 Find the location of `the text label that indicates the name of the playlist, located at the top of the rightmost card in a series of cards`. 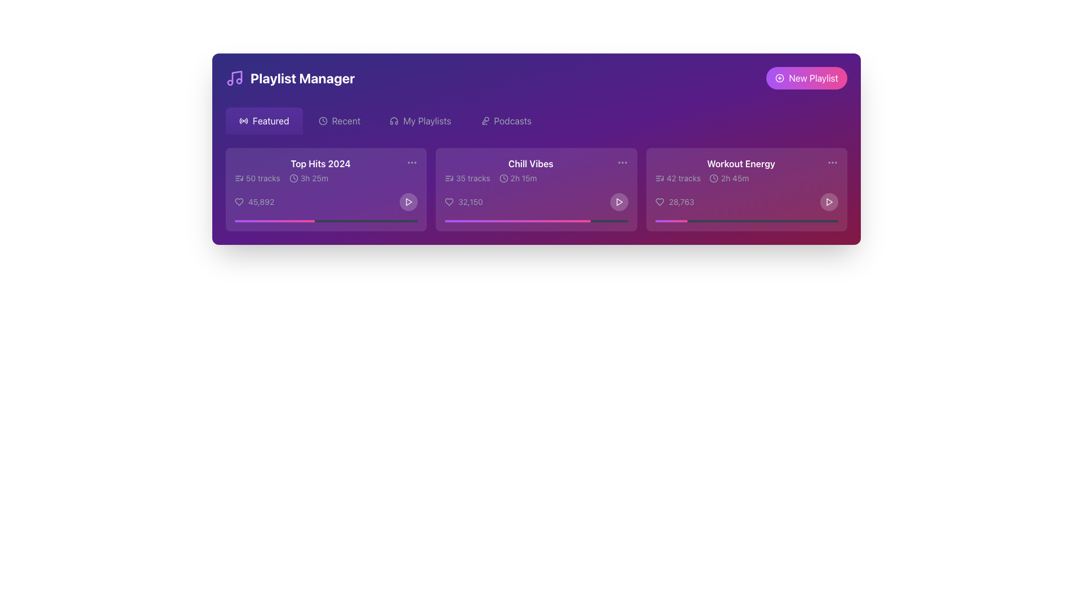

the text label that indicates the name of the playlist, located at the top of the rightmost card in a series of cards is located at coordinates (741, 163).